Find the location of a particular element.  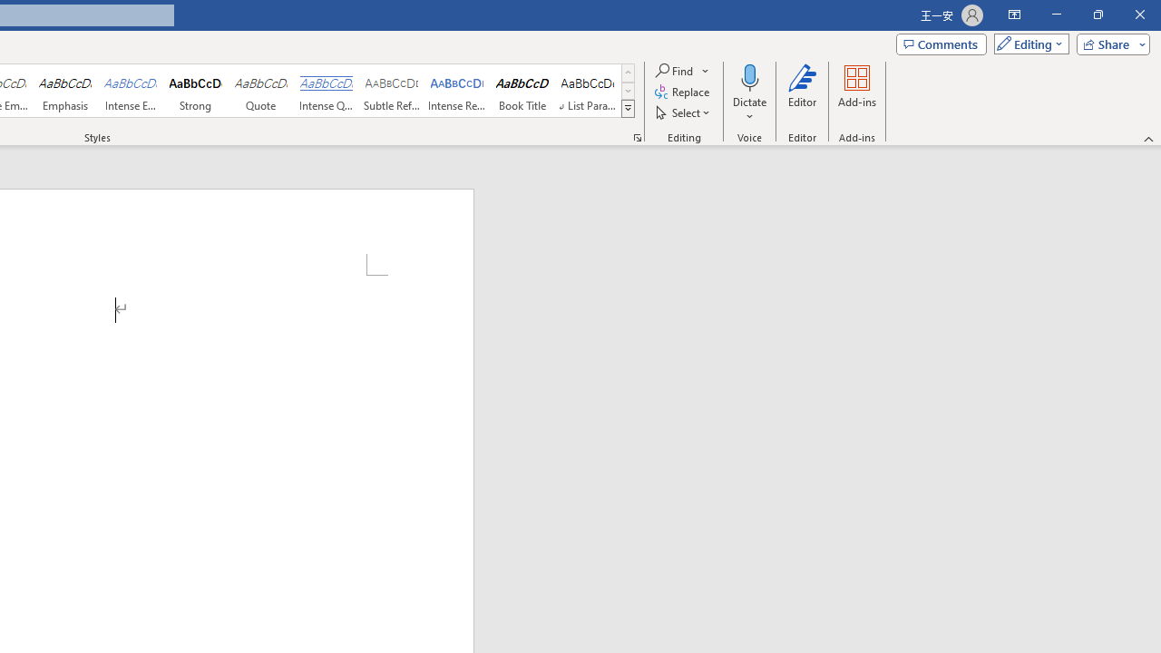

'Intense Reference' is located at coordinates (457, 91).